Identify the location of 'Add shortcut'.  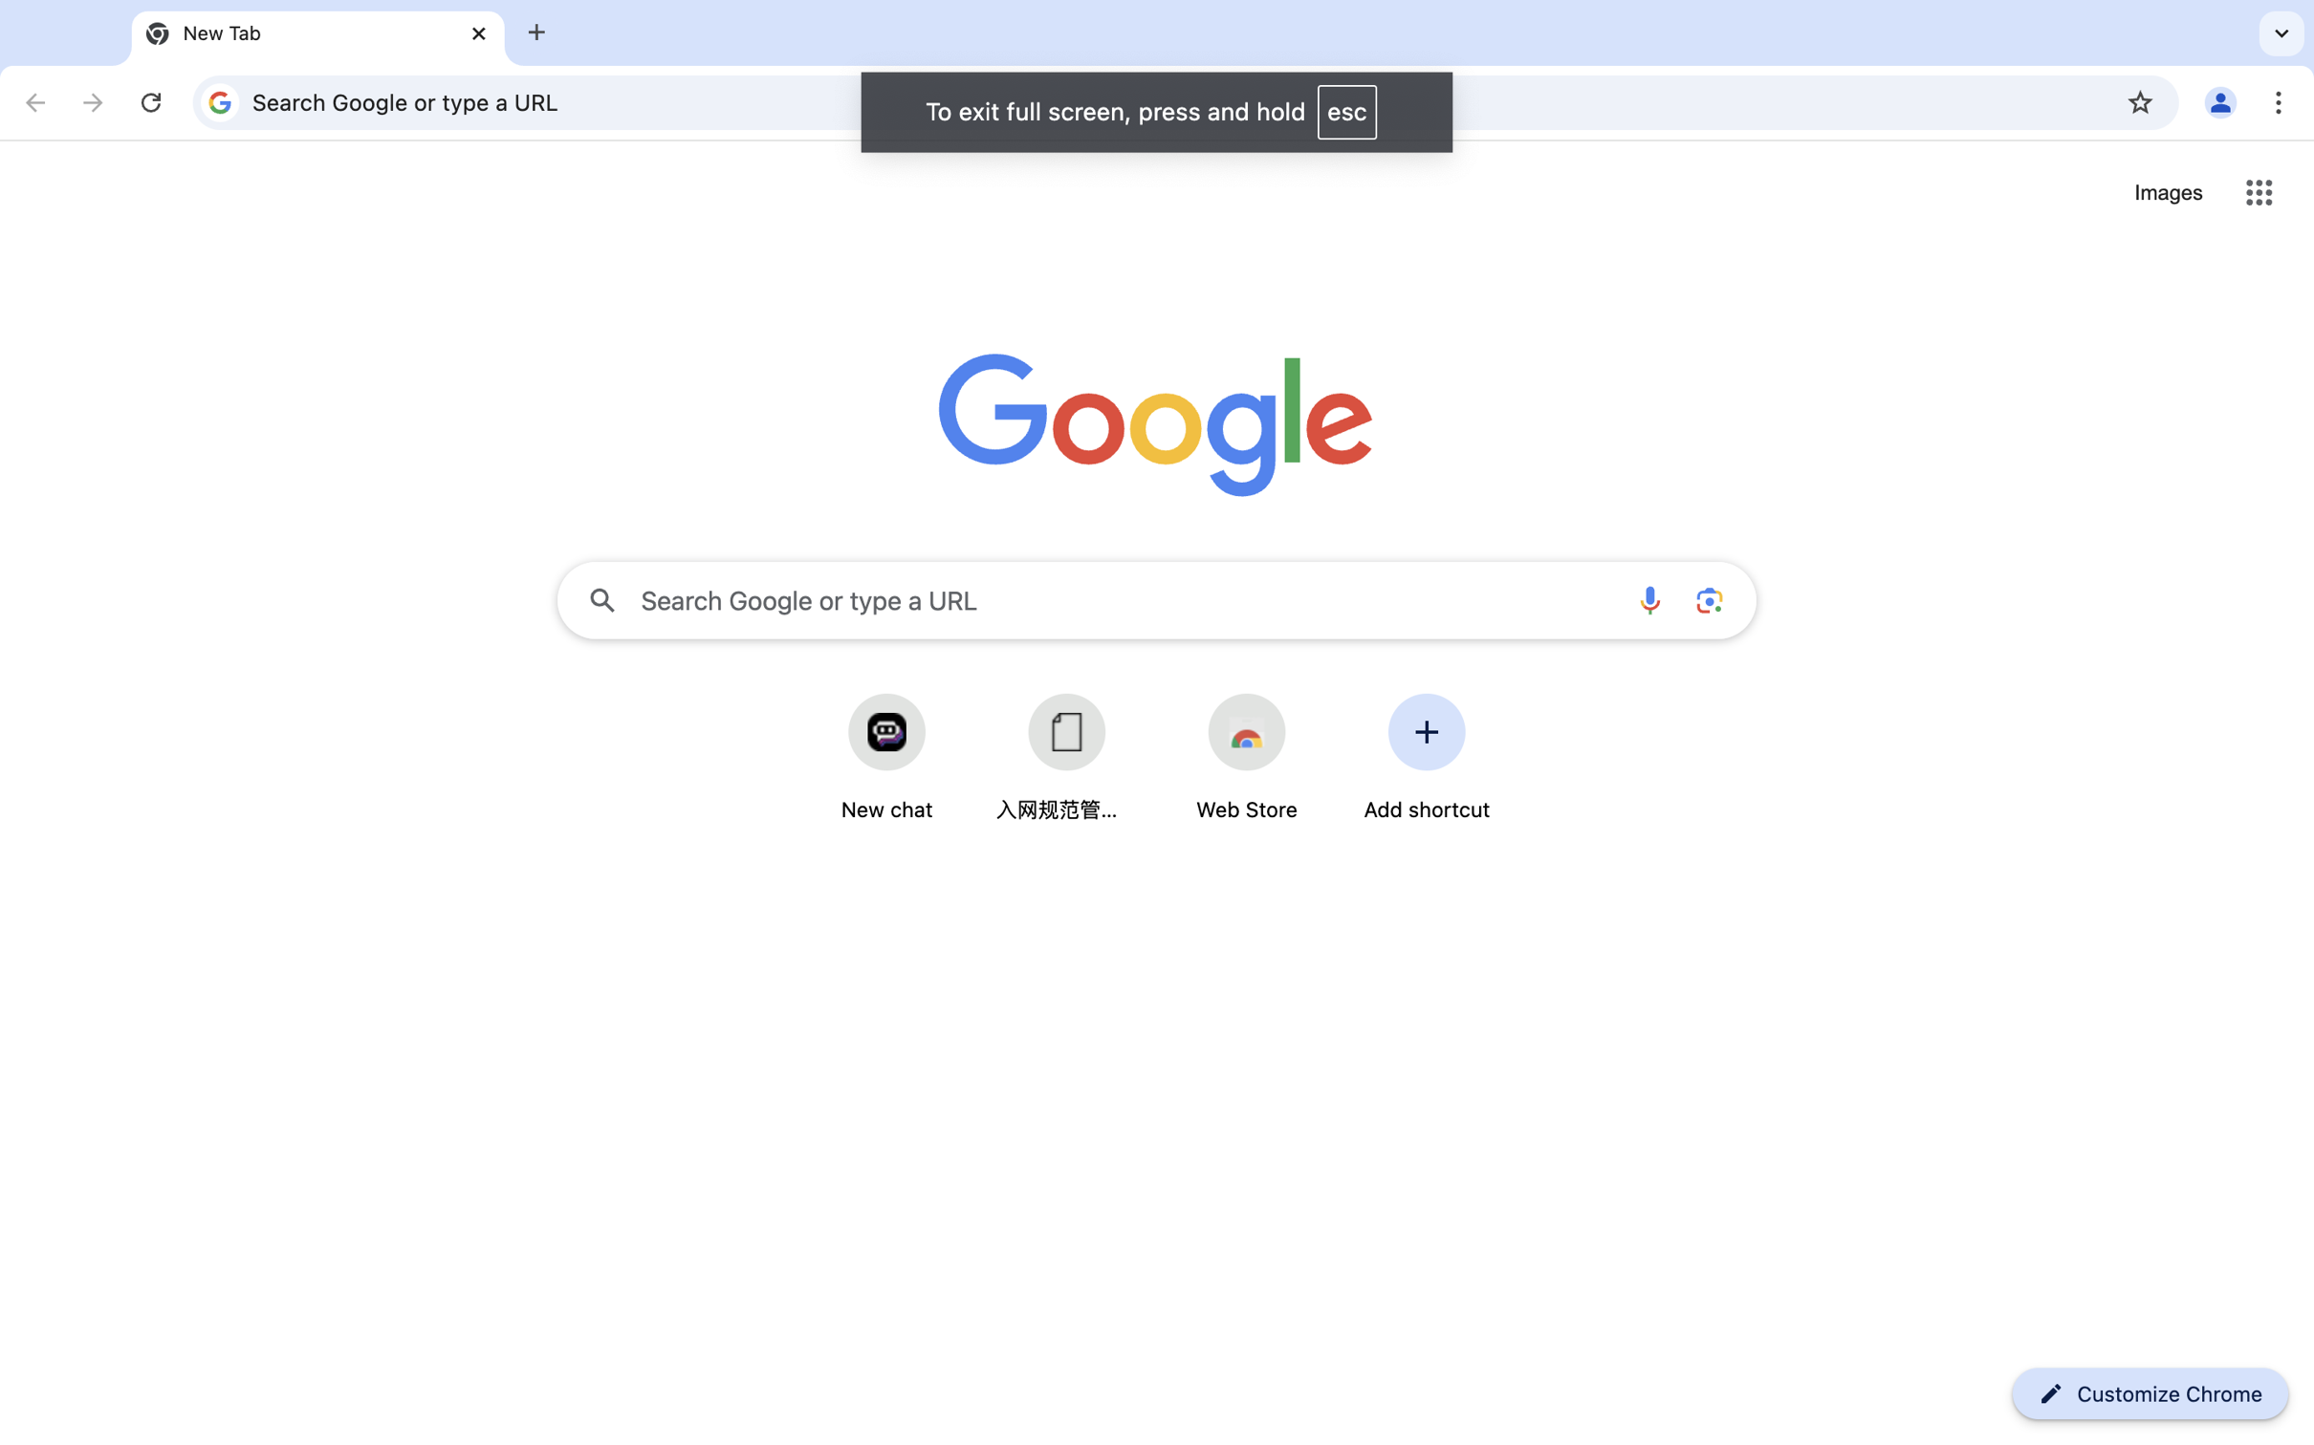
(1426, 756).